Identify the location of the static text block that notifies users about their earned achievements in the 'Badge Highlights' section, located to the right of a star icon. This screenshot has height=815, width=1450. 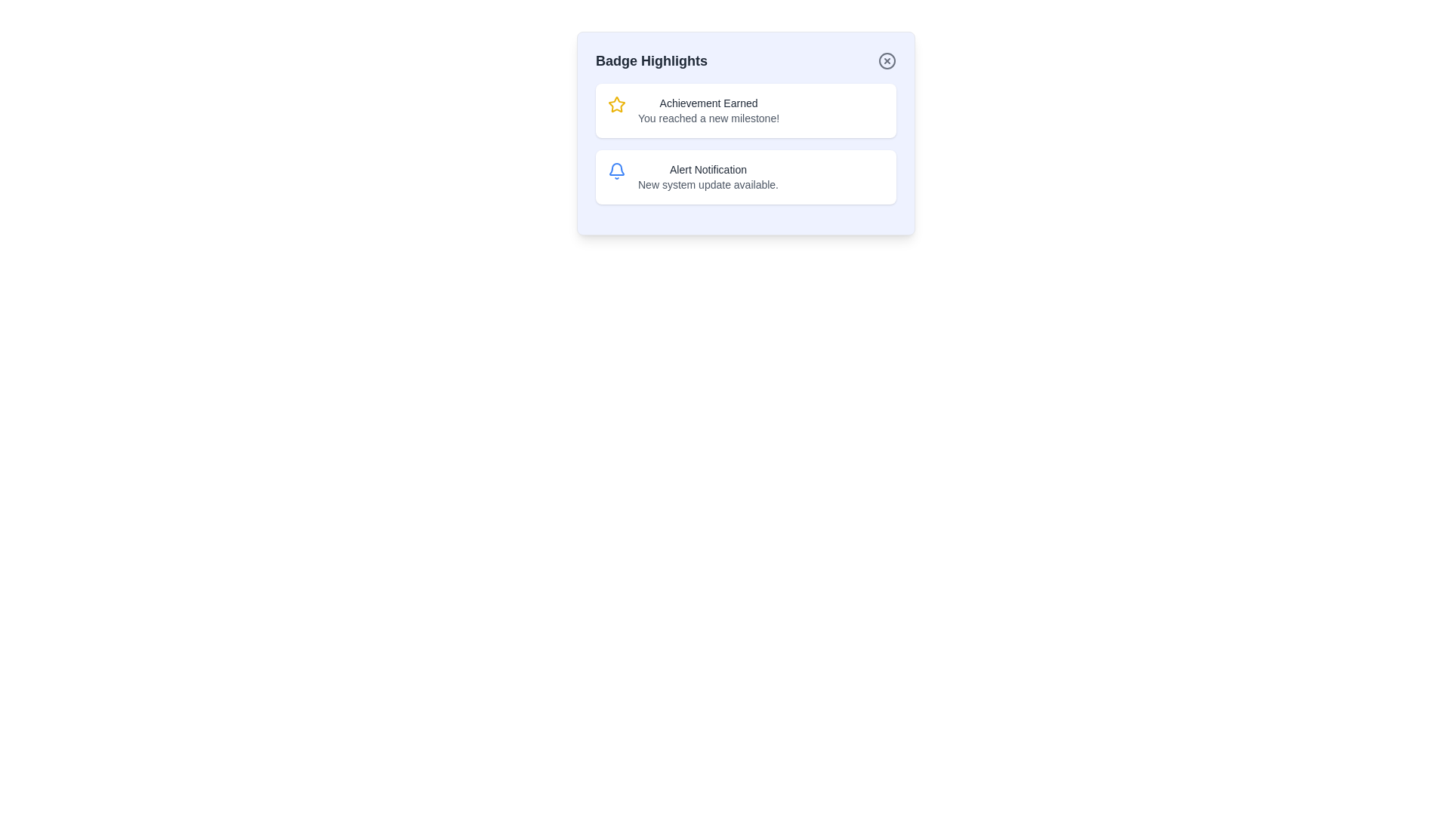
(708, 109).